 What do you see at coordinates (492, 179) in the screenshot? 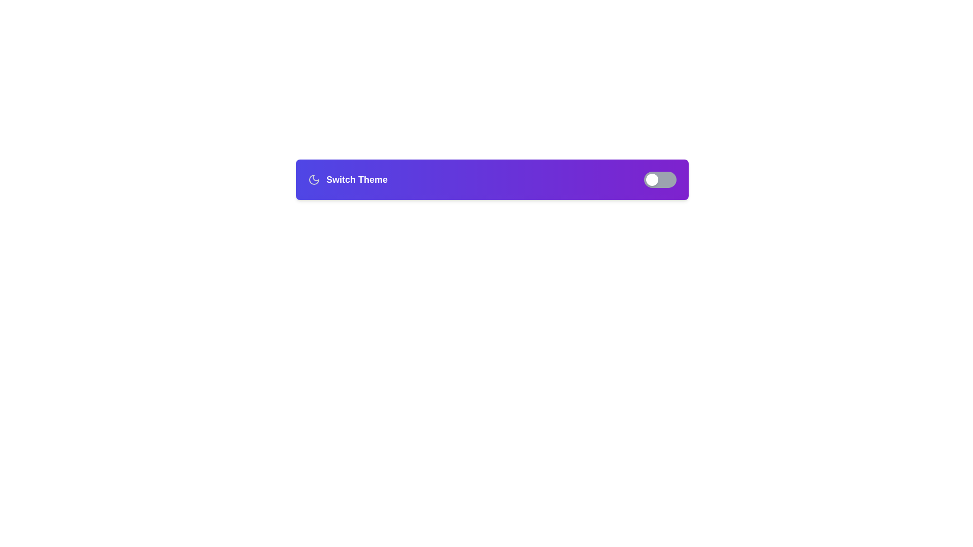
I see `the 'Switch Theme' button with an integrated toggle switch, which features a gradient background and is located at the upper region of the interface` at bounding box center [492, 179].